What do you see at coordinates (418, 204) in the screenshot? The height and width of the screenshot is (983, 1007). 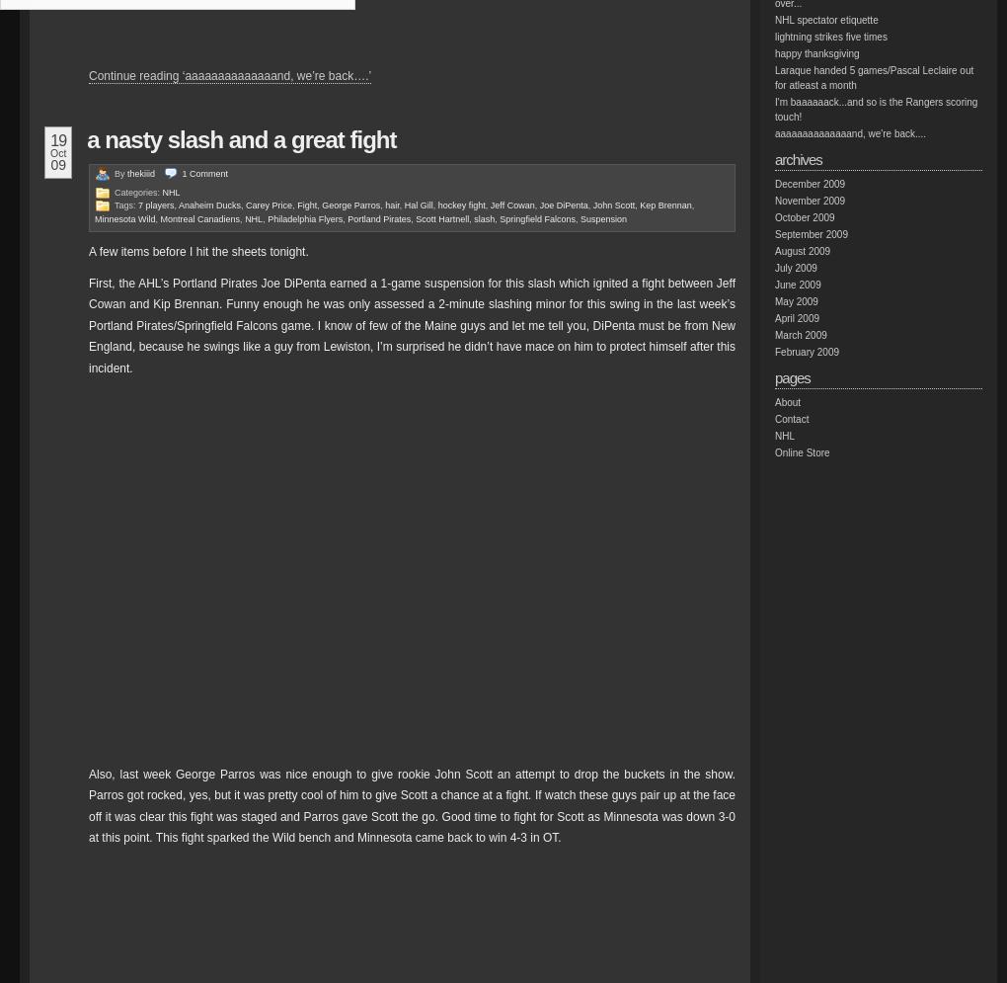 I see `'Hal Gill'` at bounding box center [418, 204].